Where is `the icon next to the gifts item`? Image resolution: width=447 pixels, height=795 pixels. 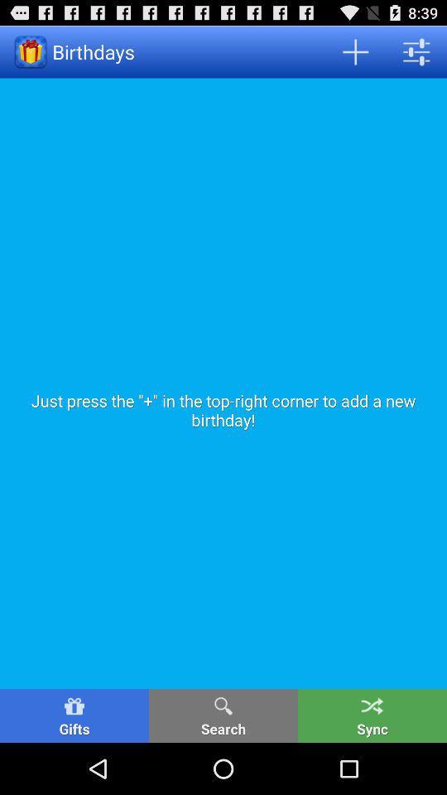 the icon next to the gifts item is located at coordinates (223, 715).